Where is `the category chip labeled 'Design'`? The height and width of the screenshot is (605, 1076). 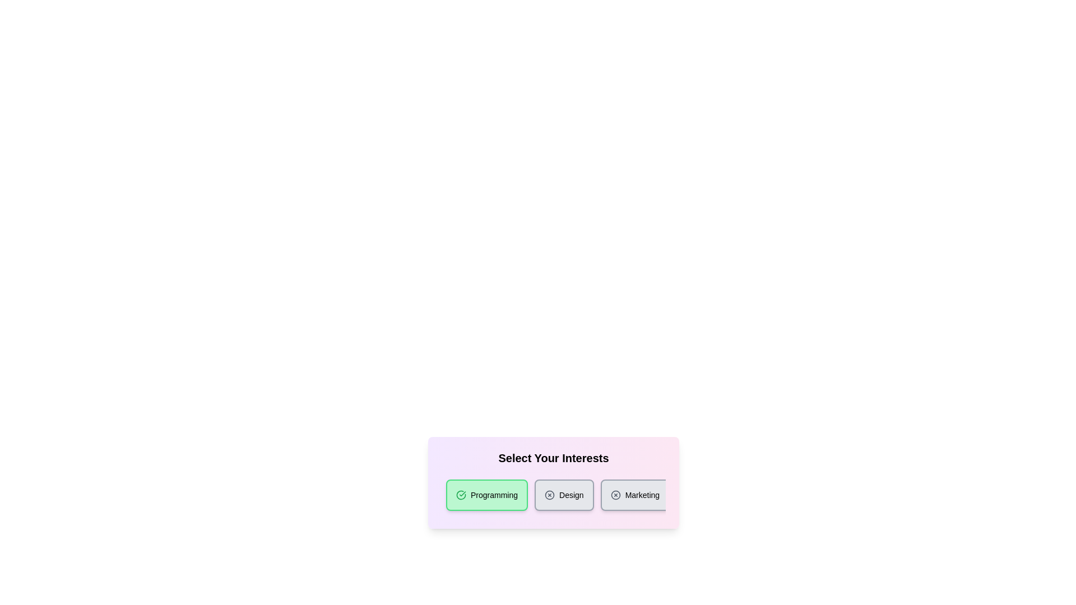 the category chip labeled 'Design' is located at coordinates (564, 494).